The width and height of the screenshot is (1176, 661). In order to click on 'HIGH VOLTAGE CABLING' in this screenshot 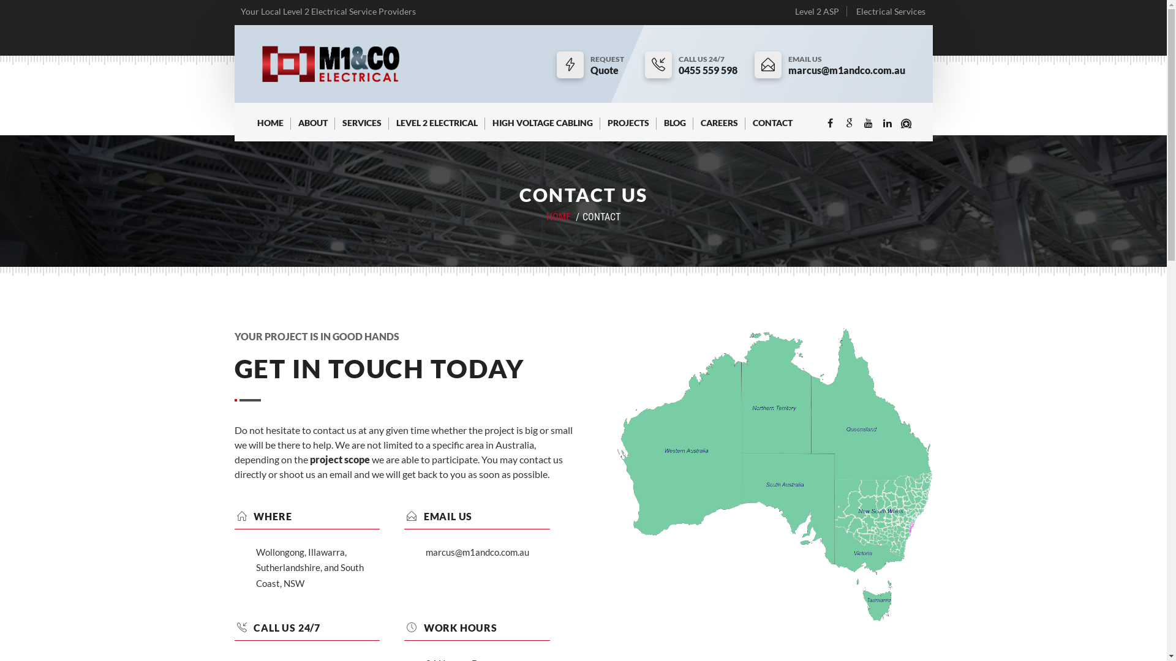, I will do `click(542, 128)`.